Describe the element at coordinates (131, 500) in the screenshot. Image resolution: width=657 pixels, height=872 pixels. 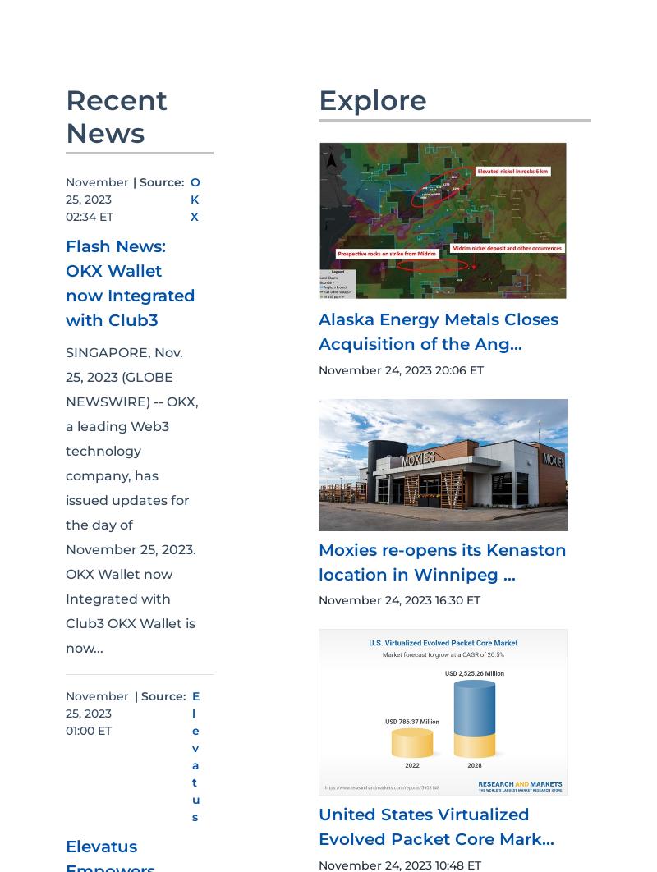
I see `'SINGAPORE, Nov.  25, 2023  (GLOBE NEWSWIRE) -- OKX, a leading Web3 technology company, has issued updates for the day of November 25, 2023.  OKX Wallet now Integrated with Club3  OKX Wallet is now...'` at that location.